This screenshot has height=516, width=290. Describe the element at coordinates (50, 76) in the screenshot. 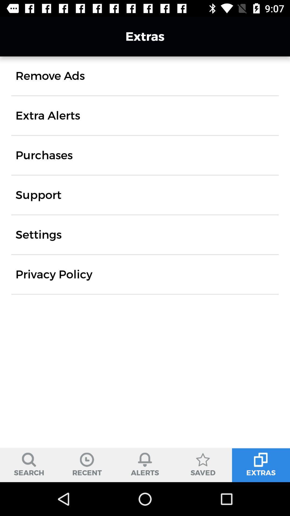

I see `remove ads item` at that location.